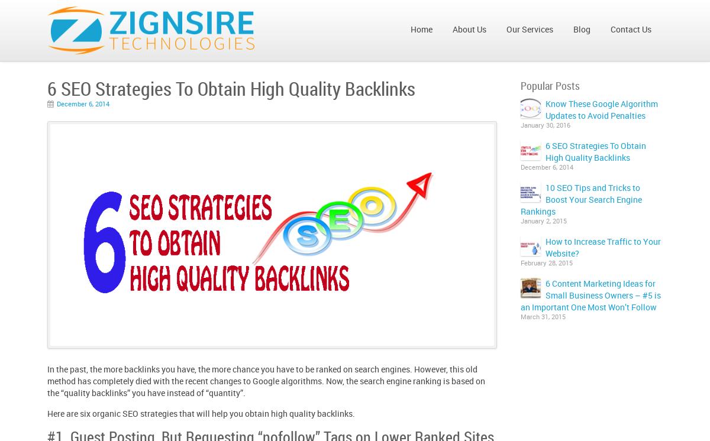  I want to click on '10 SEO Tips and Tricks to Boost Your Search Engine Rankings', so click(581, 199).